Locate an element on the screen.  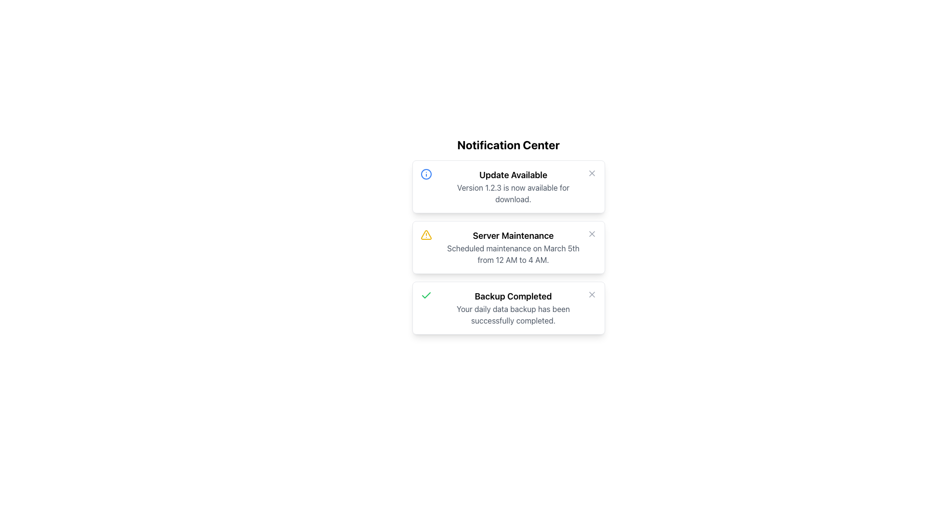
the text label that summarizes the notification, stating 'Update Available', located at the top of the notification card in the Notification Center is located at coordinates (513, 175).